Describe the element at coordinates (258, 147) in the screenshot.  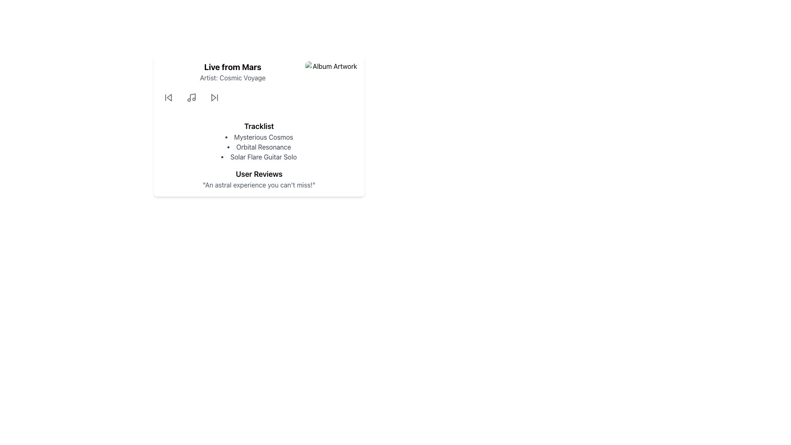
I see `titles from the non-interactive bulleted list located below the 'Tracklist' label and above the 'User Reviews' section` at that location.